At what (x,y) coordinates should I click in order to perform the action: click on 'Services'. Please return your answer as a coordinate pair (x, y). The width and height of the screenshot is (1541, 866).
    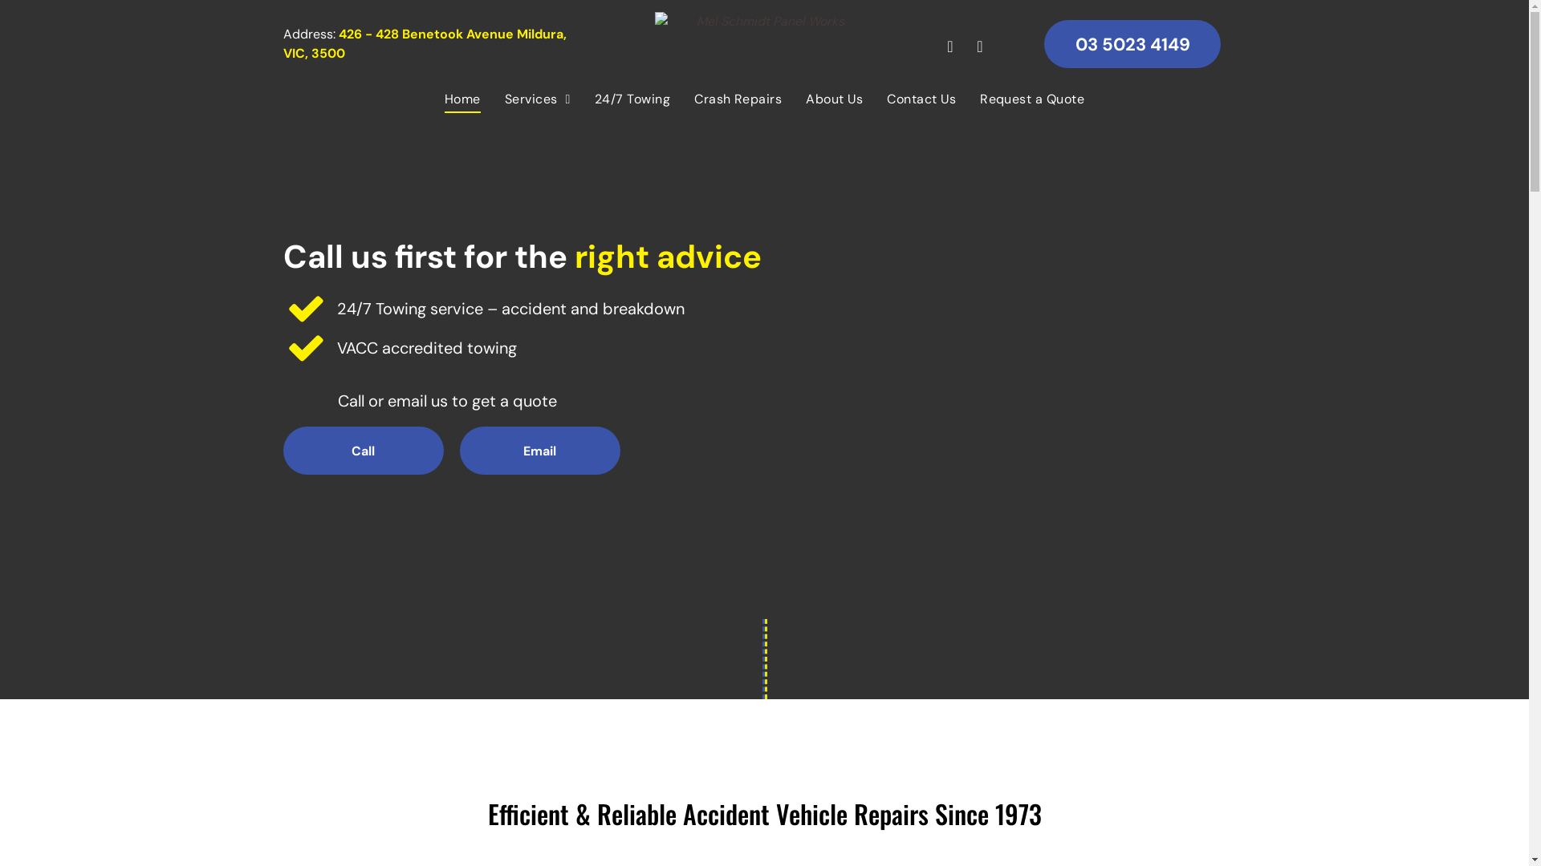
    Looking at the image, I should click on (538, 99).